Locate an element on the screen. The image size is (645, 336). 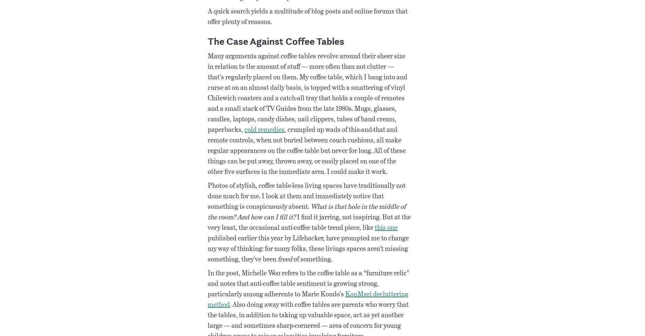
'this one' is located at coordinates (386, 227).